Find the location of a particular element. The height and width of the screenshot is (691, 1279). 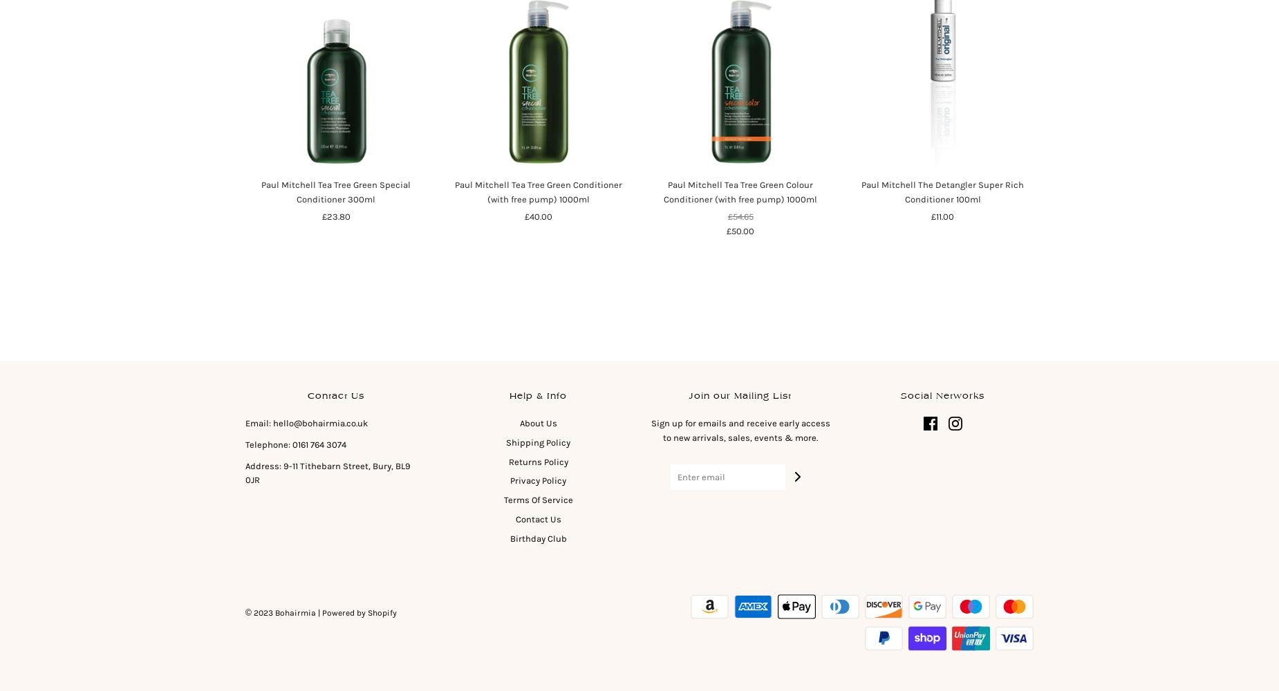

'Join our Mailing List' is located at coordinates (688, 395).